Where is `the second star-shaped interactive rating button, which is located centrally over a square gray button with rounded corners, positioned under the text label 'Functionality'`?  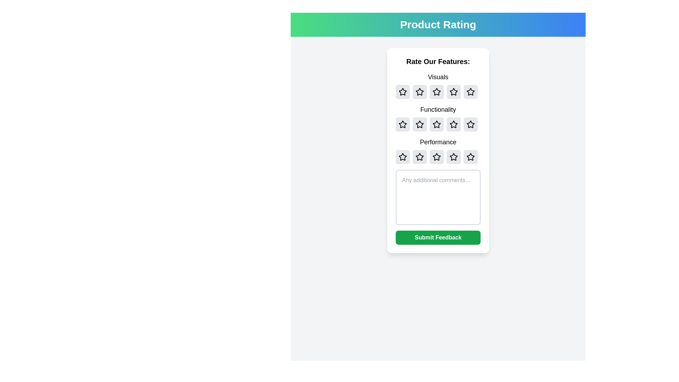 the second star-shaped interactive rating button, which is located centrally over a square gray button with rounded corners, positioned under the text label 'Functionality' is located at coordinates (419, 124).